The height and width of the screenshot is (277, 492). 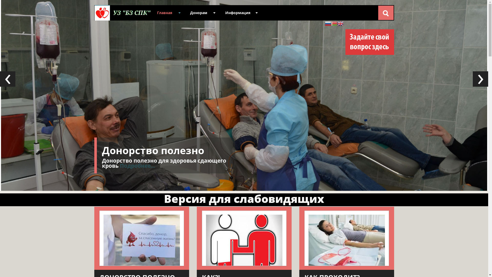 What do you see at coordinates (331, 23) in the screenshot?
I see `'Belarusian'` at bounding box center [331, 23].